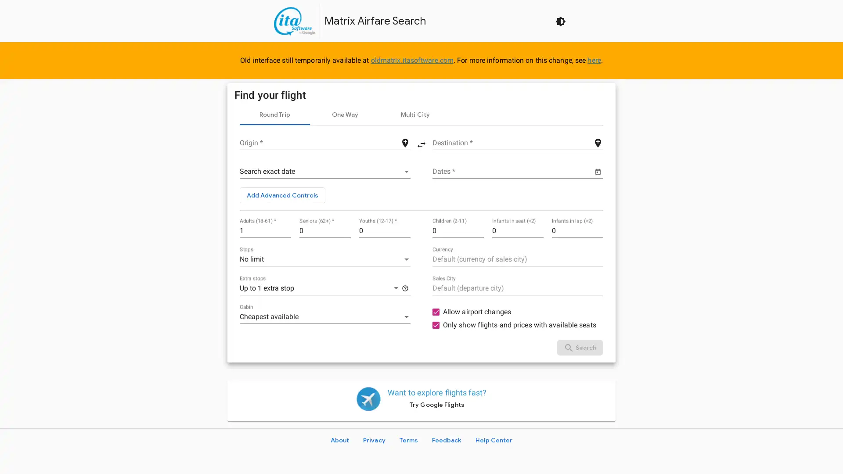 This screenshot has height=474, width=843. Describe the element at coordinates (447, 440) in the screenshot. I see `Feedback` at that location.